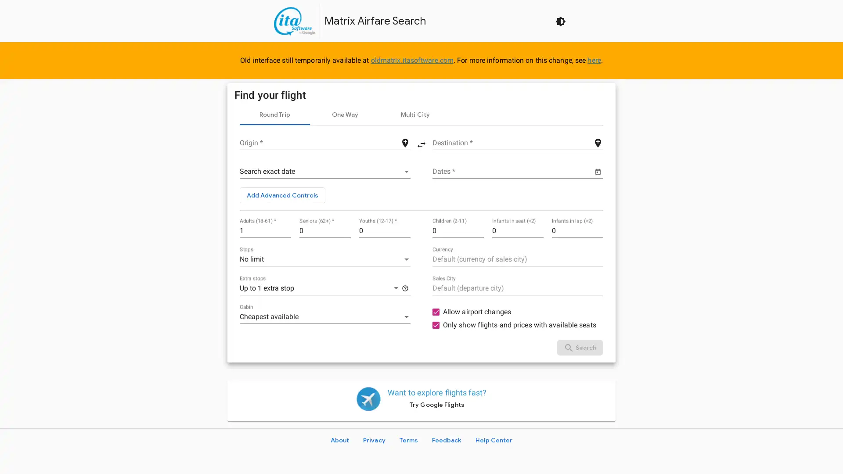 This screenshot has height=474, width=843. Describe the element at coordinates (447, 440) in the screenshot. I see `Feedback` at that location.